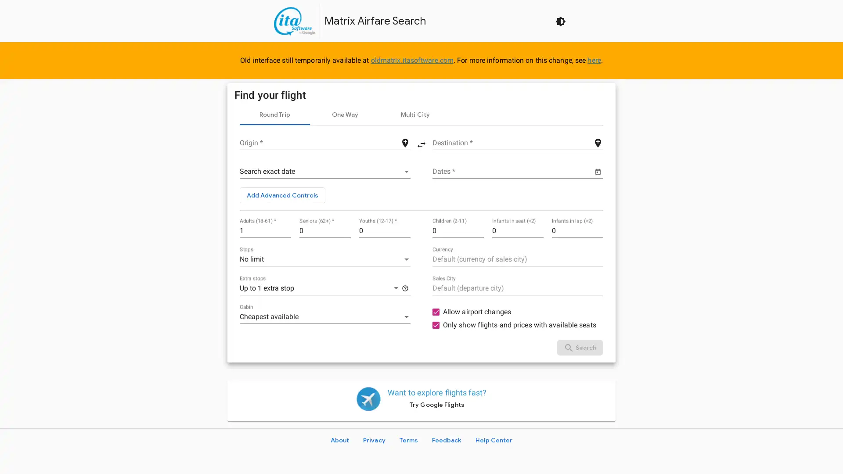 This screenshot has height=474, width=843. Describe the element at coordinates (447, 440) in the screenshot. I see `Feedback` at that location.